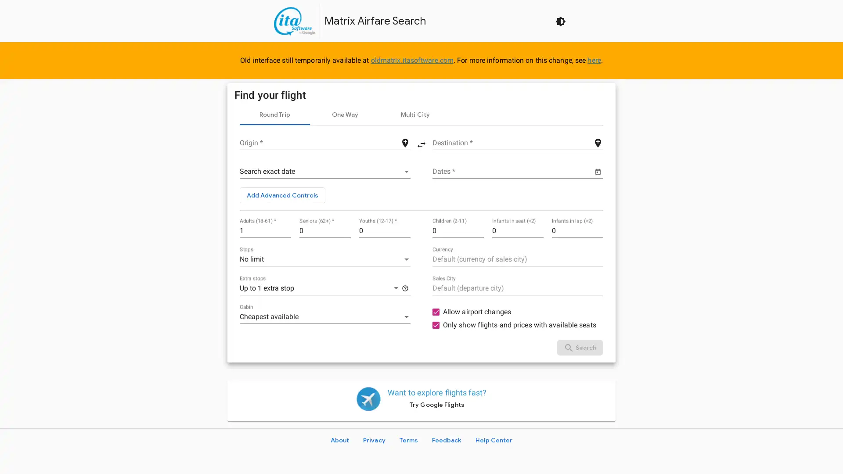 This screenshot has height=474, width=843. Describe the element at coordinates (447, 440) in the screenshot. I see `Feedback` at that location.